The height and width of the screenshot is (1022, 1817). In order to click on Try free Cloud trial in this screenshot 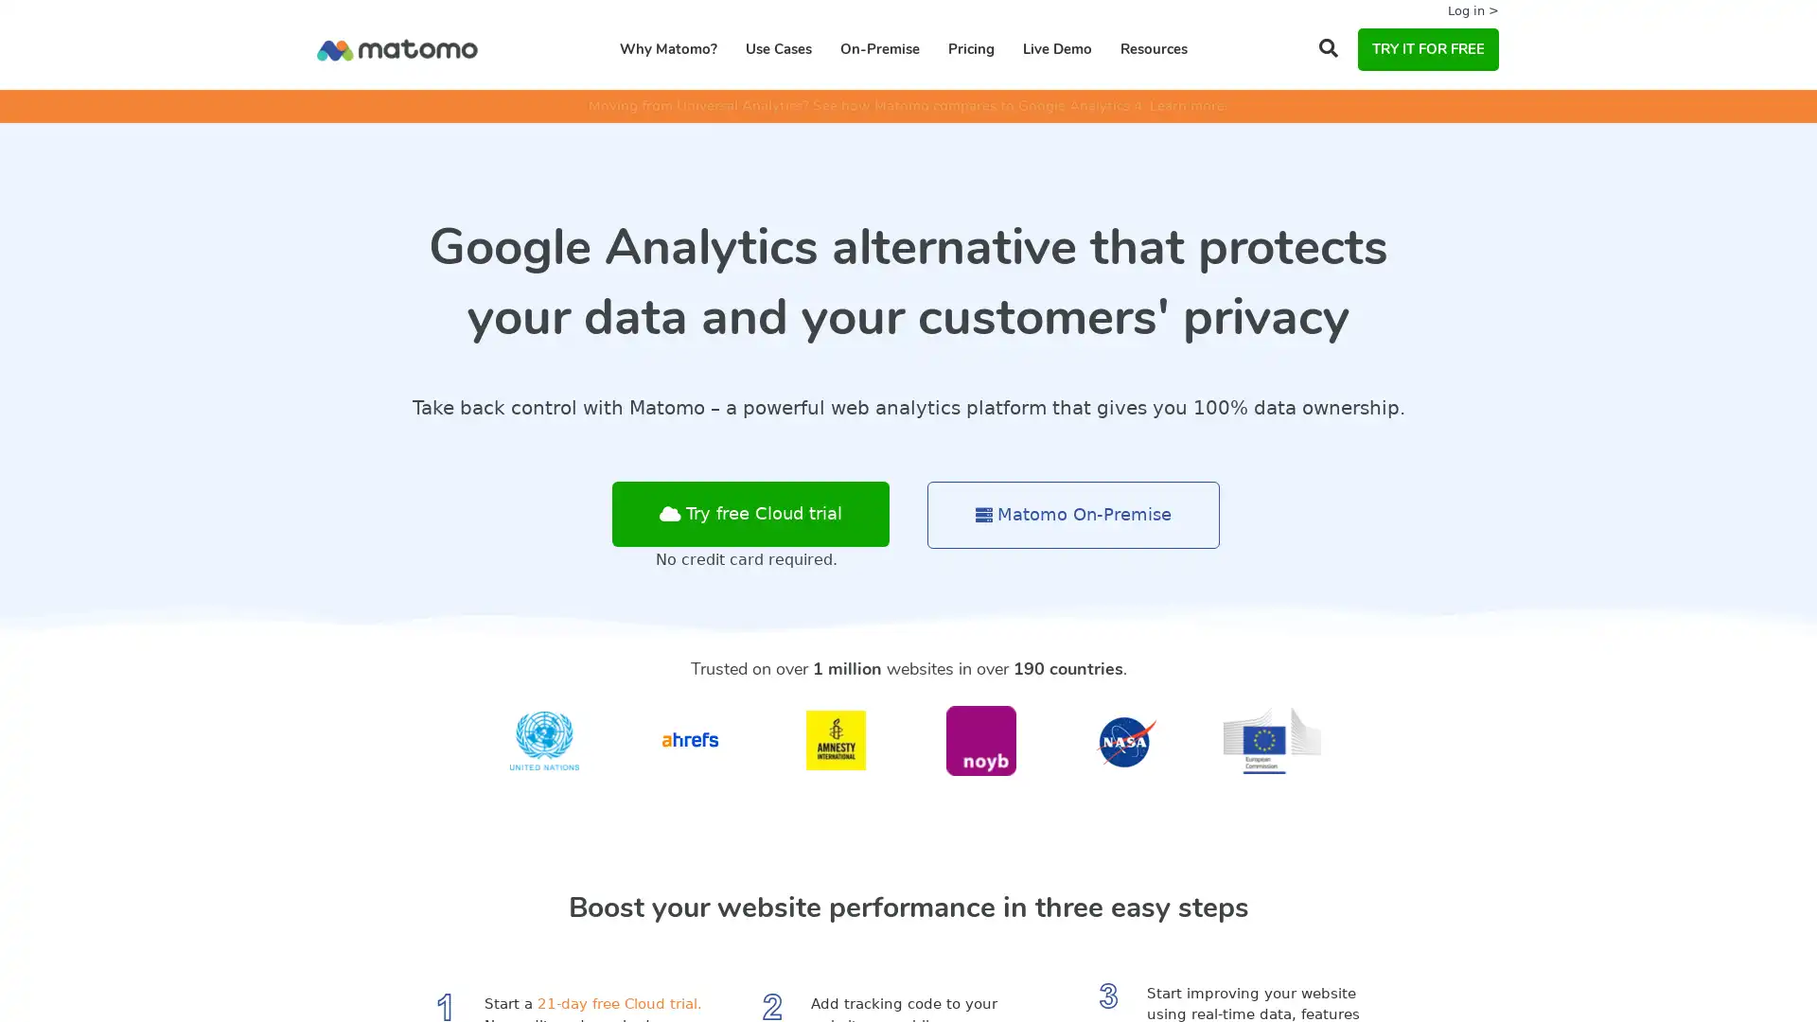, I will do `click(750, 514)`.